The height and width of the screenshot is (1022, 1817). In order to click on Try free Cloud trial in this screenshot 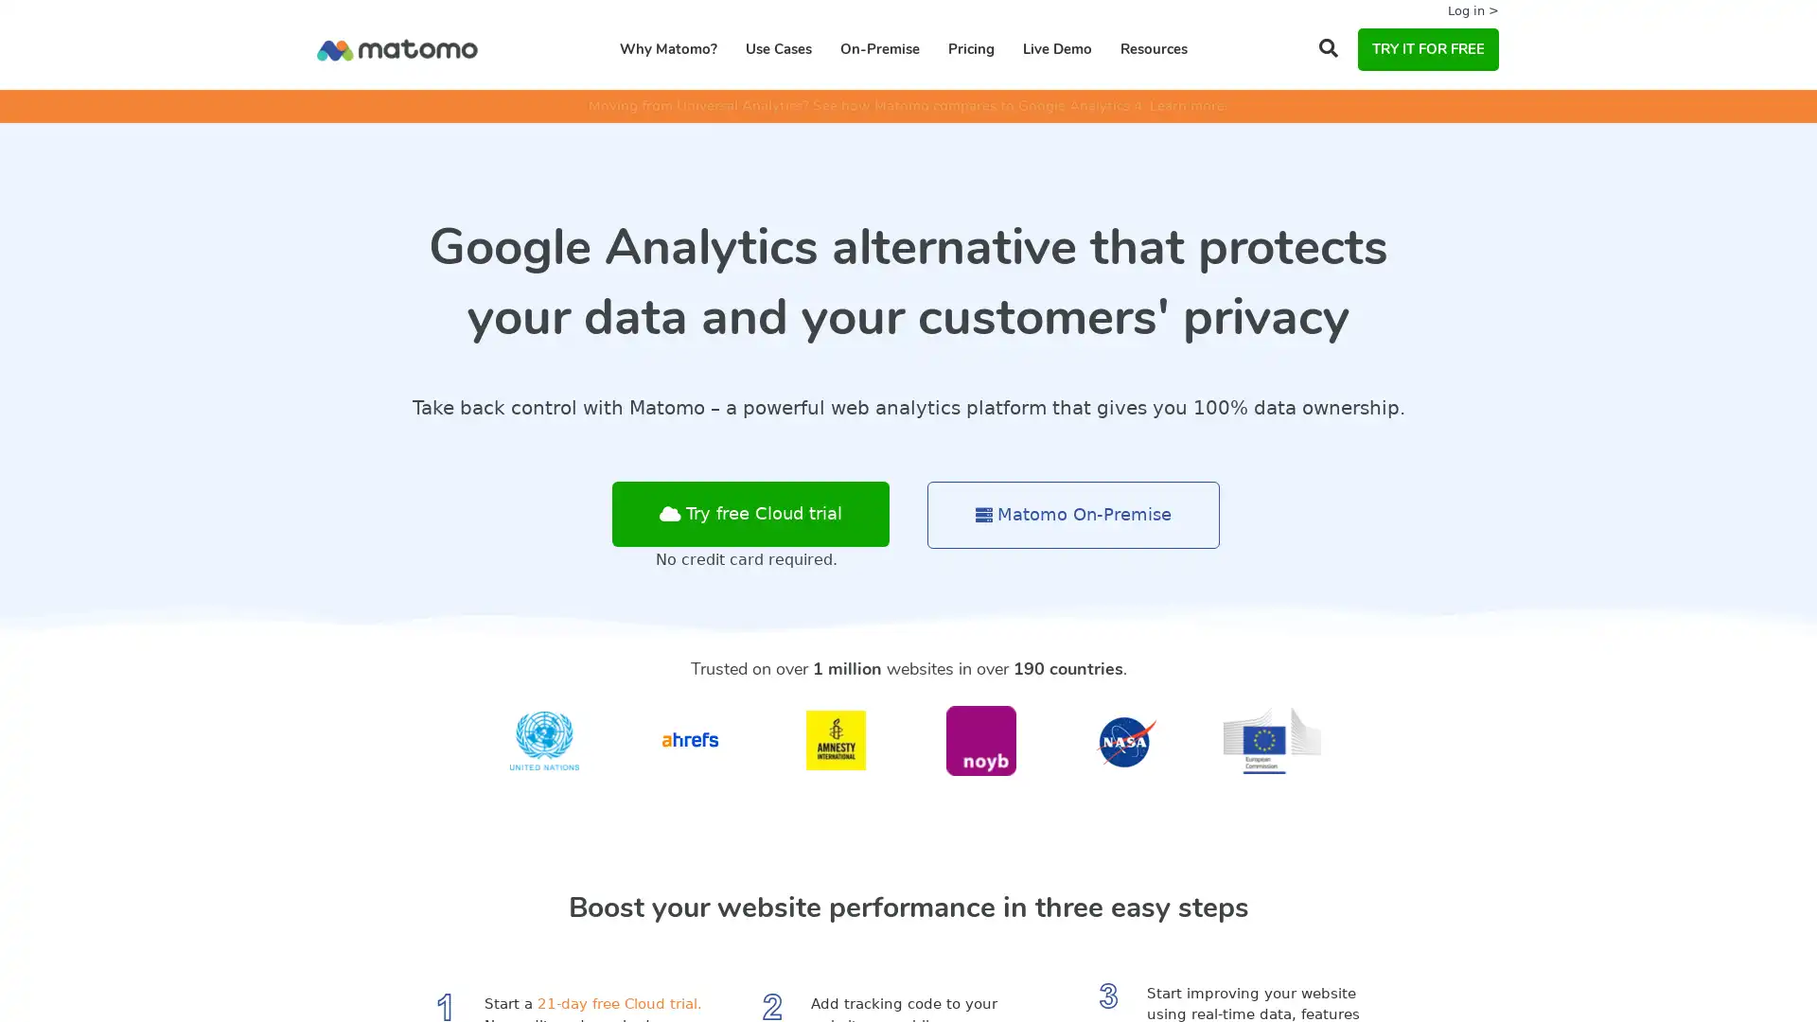, I will do `click(750, 514)`.